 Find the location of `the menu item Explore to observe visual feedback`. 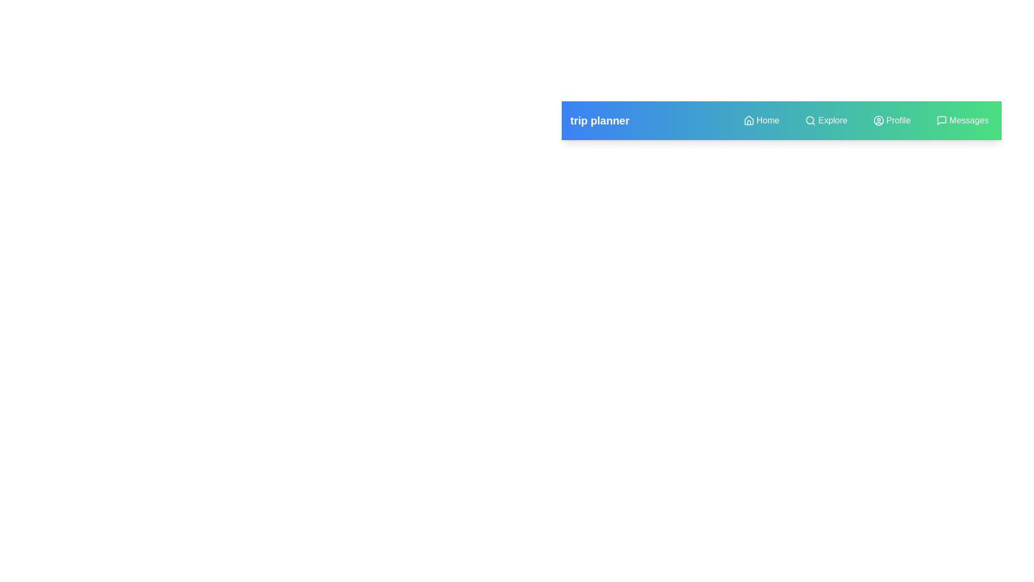

the menu item Explore to observe visual feedback is located at coordinates (826, 120).